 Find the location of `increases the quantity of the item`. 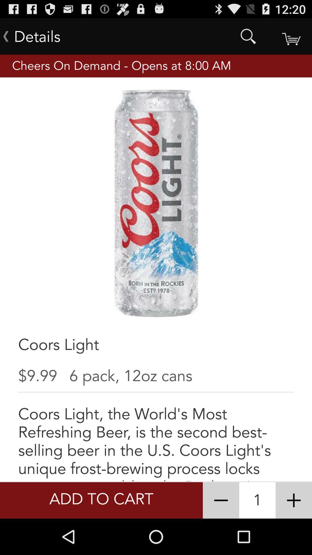

increases the quantity of the item is located at coordinates (294, 500).